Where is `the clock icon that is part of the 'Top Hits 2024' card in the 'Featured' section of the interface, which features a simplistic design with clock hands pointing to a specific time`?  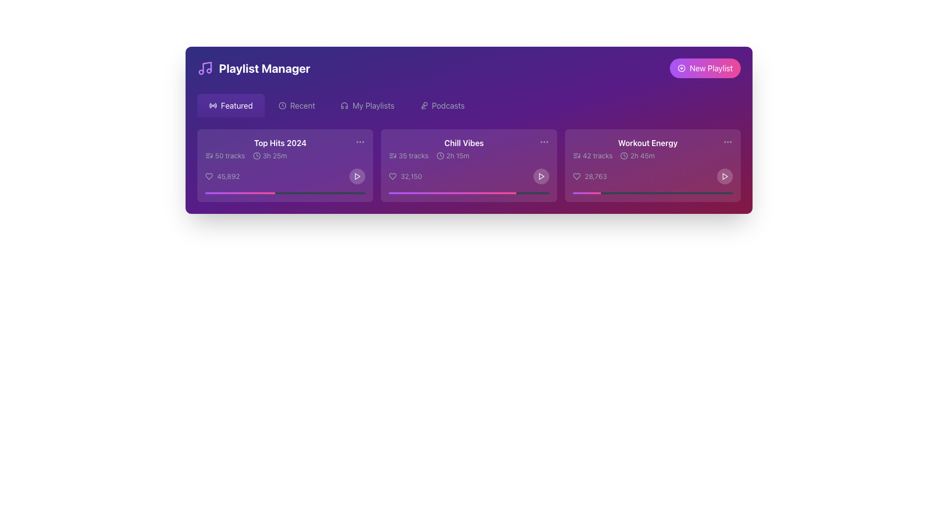
the clock icon that is part of the 'Top Hits 2024' card in the 'Featured' section of the interface, which features a simplistic design with clock hands pointing to a specific time is located at coordinates (256, 155).